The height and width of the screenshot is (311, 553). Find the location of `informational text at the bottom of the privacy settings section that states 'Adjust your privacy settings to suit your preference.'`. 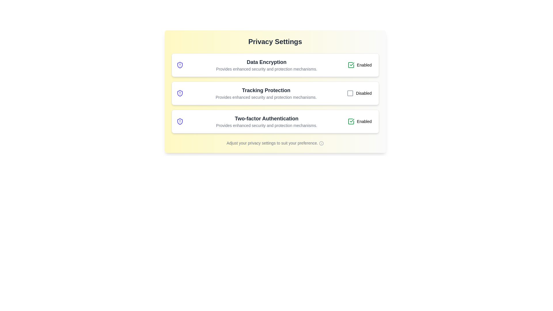

informational text at the bottom of the privacy settings section that states 'Adjust your privacy settings to suit your preference.' is located at coordinates (275, 143).